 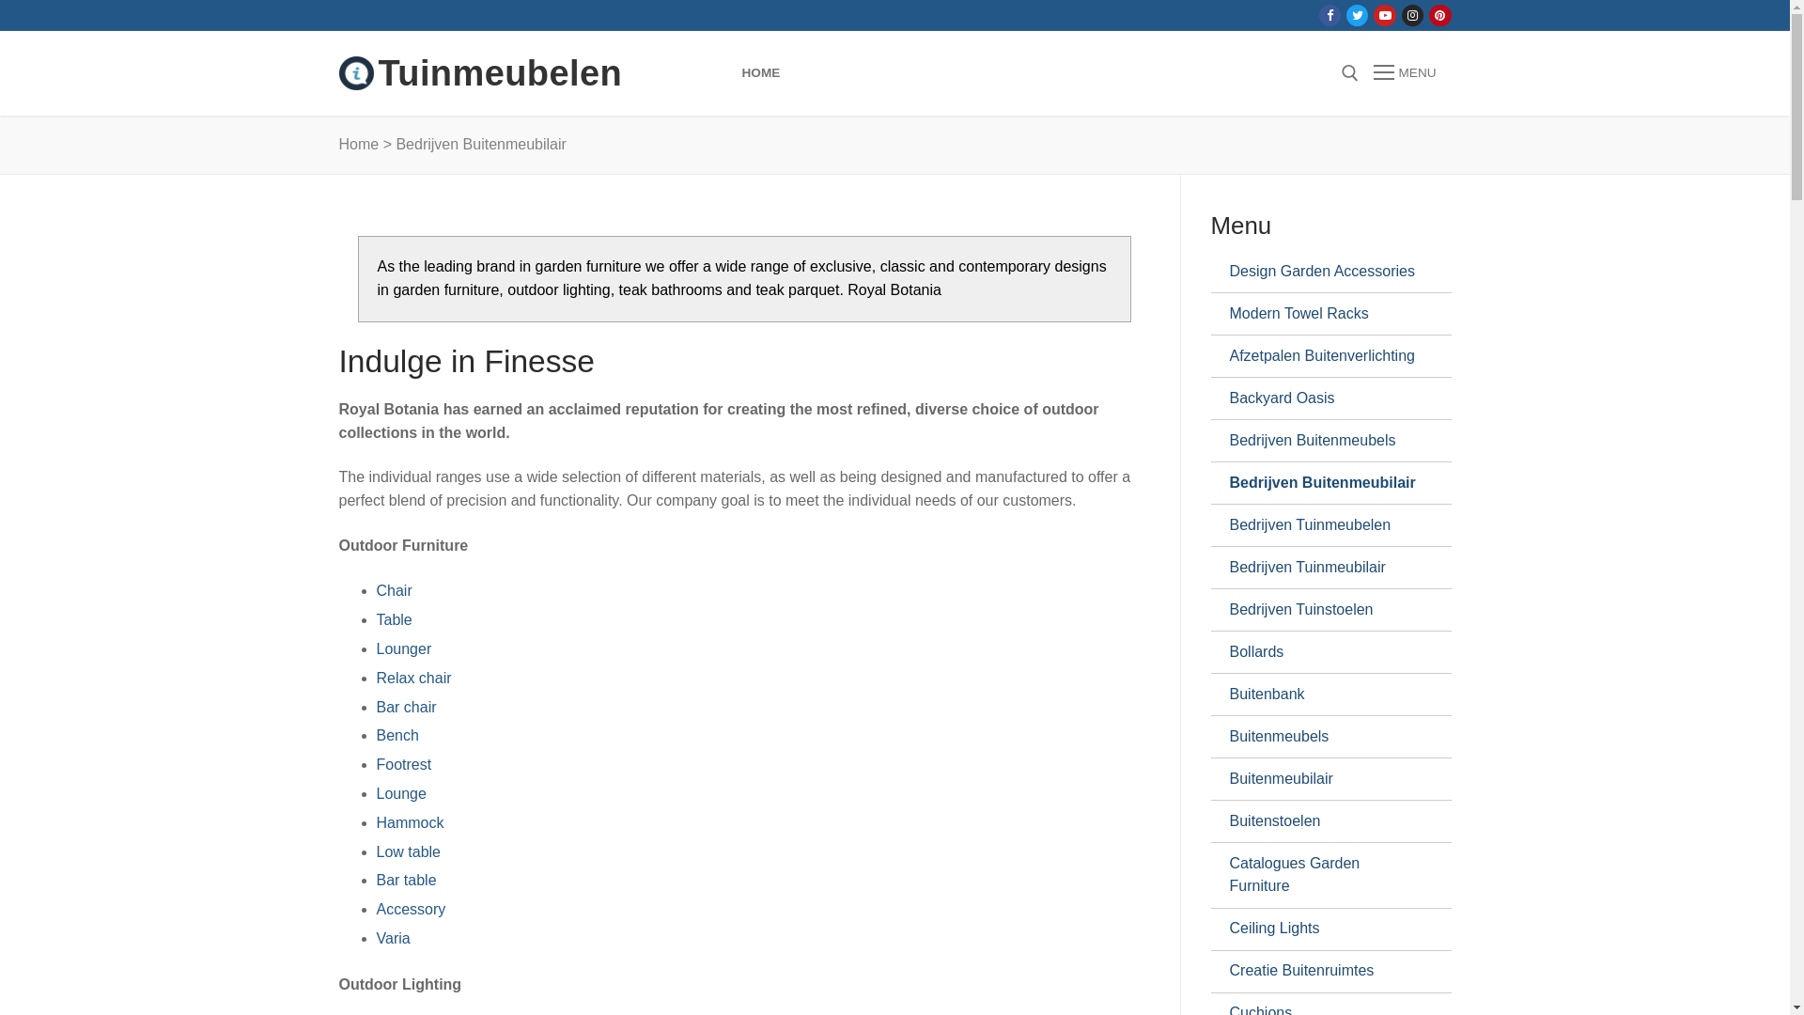 What do you see at coordinates (396, 734) in the screenshot?
I see `'Bench'` at bounding box center [396, 734].